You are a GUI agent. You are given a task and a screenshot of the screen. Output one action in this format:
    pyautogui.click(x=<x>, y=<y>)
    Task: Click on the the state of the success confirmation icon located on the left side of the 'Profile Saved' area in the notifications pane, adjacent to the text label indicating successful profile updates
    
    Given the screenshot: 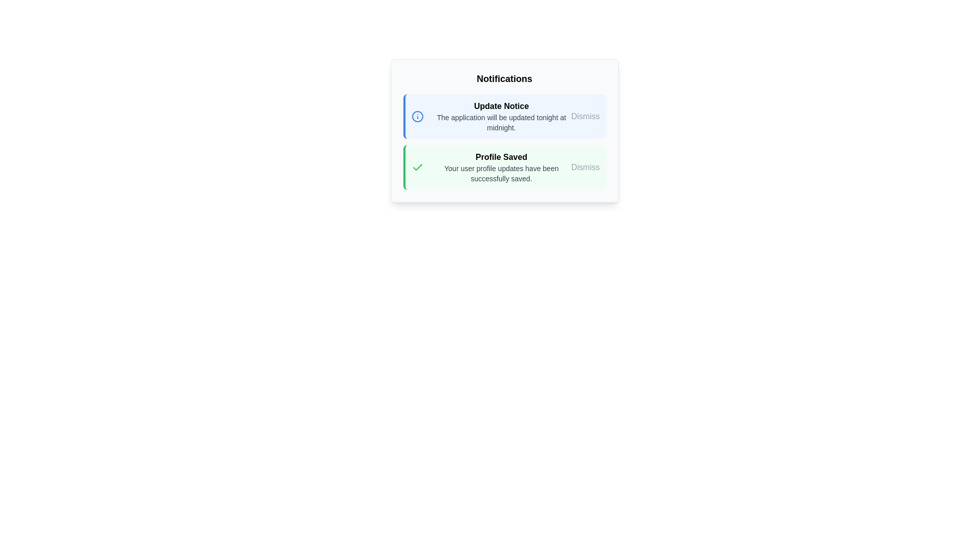 What is the action you would take?
    pyautogui.click(x=417, y=167)
    